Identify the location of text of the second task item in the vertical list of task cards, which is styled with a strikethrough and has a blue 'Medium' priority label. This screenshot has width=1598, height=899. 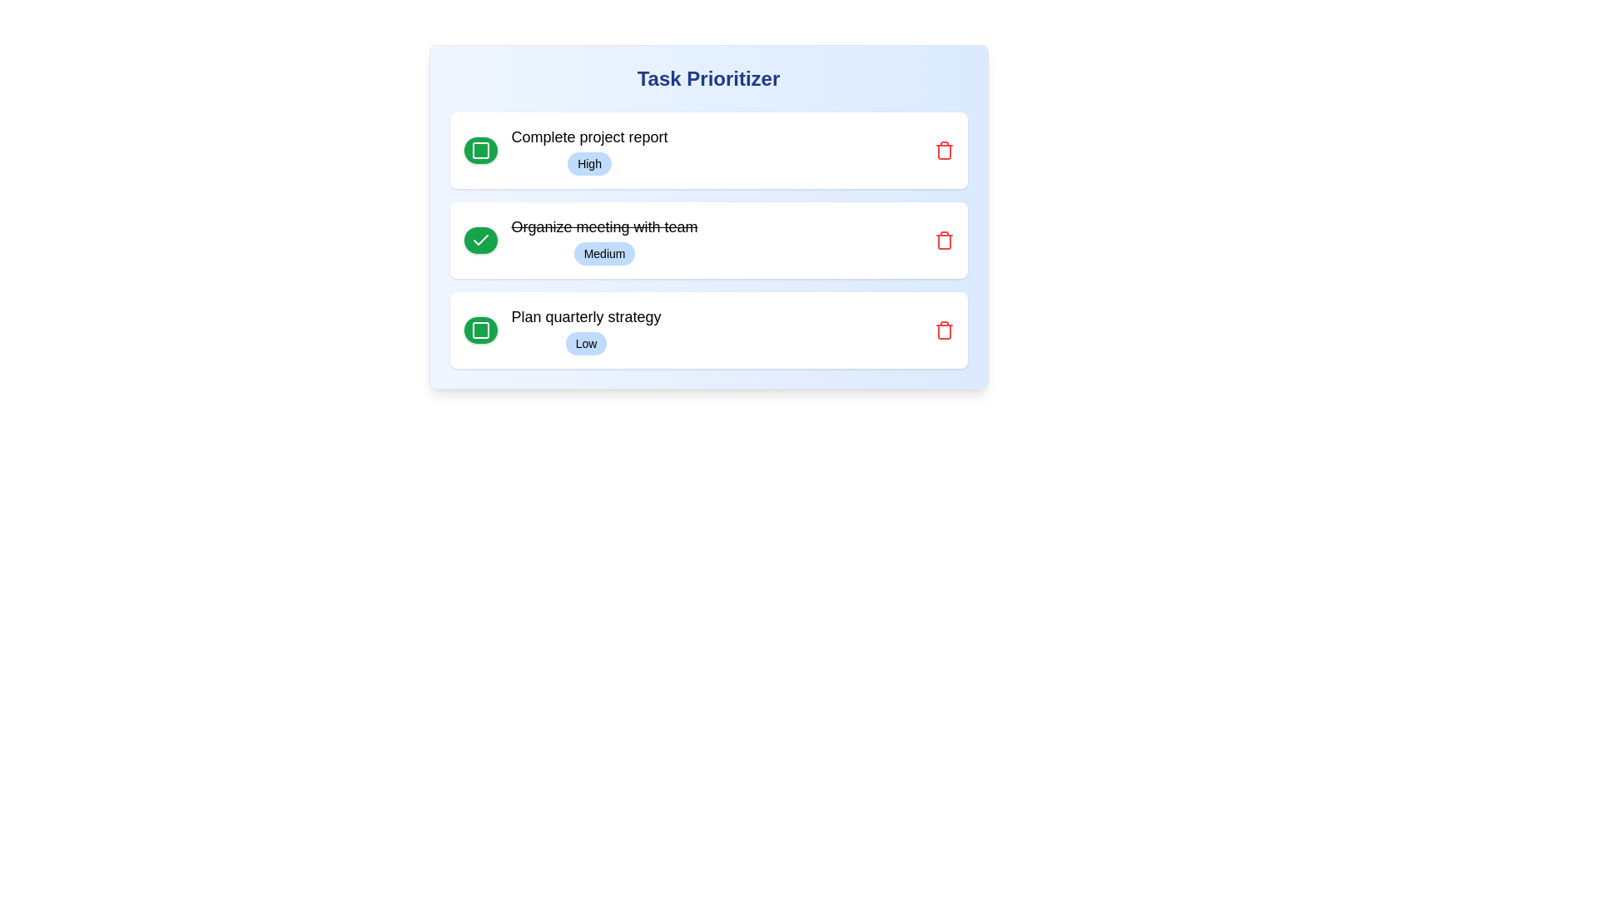
(580, 241).